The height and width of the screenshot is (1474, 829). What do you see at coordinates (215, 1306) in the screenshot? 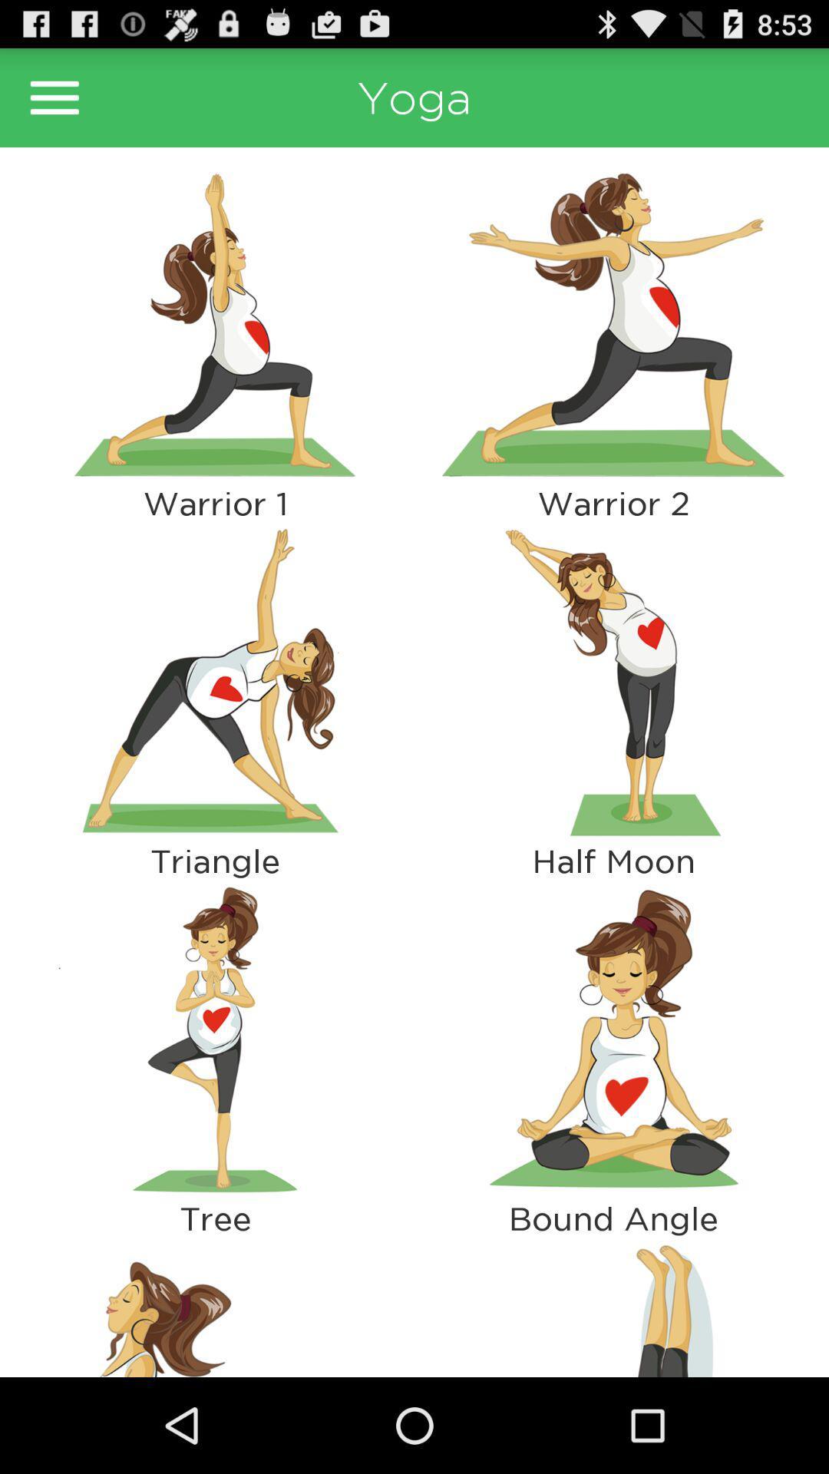
I see `the app below tree app` at bounding box center [215, 1306].